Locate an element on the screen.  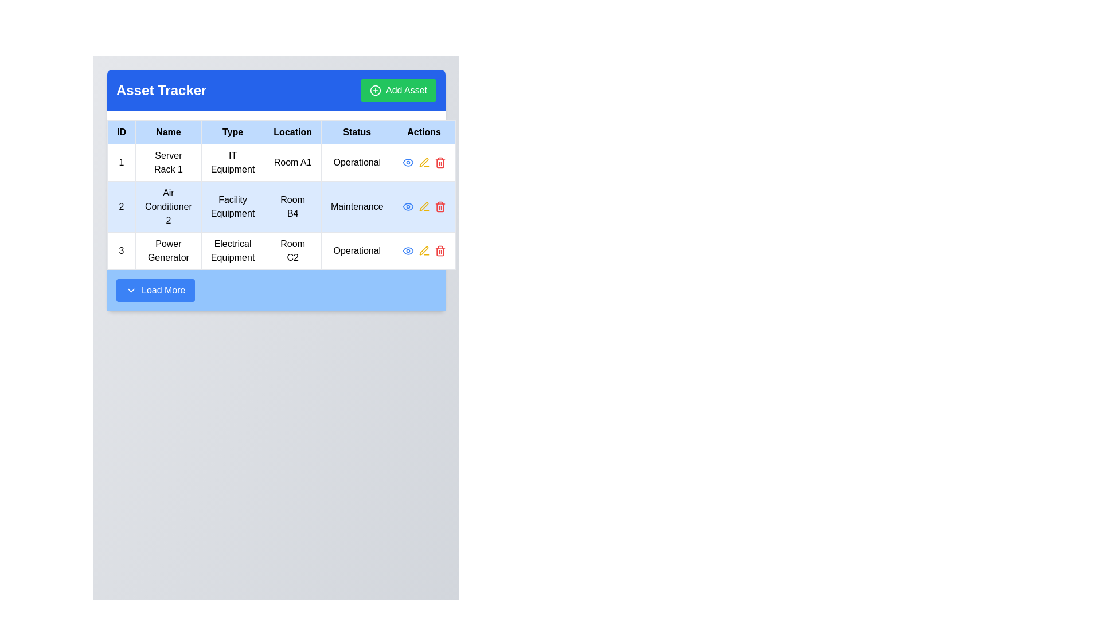
the red delete icon resembling a trash bin located in the 'Actions' column of the last row is located at coordinates (439, 250).